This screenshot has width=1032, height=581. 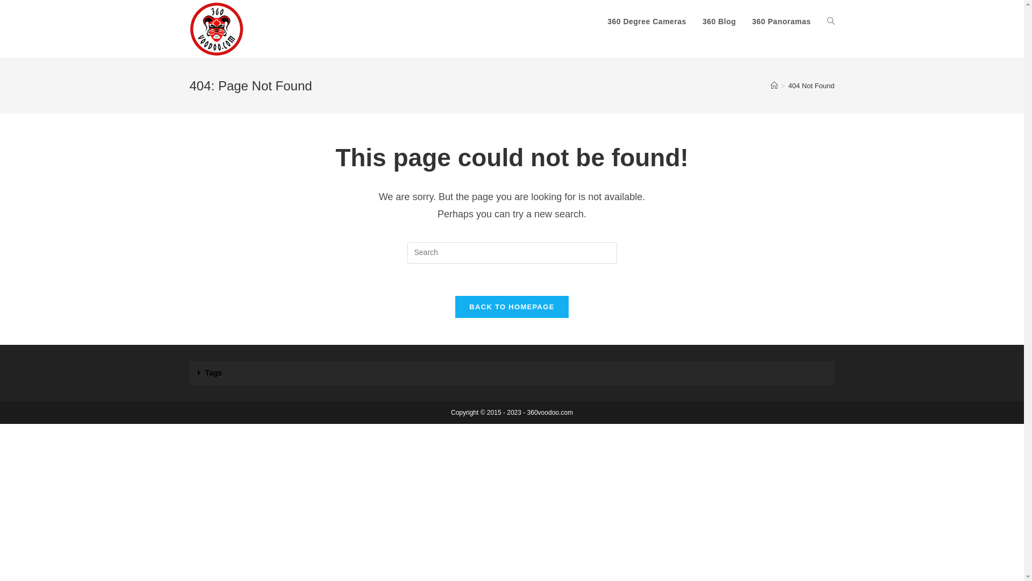 I want to click on '360voodoo.com', so click(x=550, y=412).